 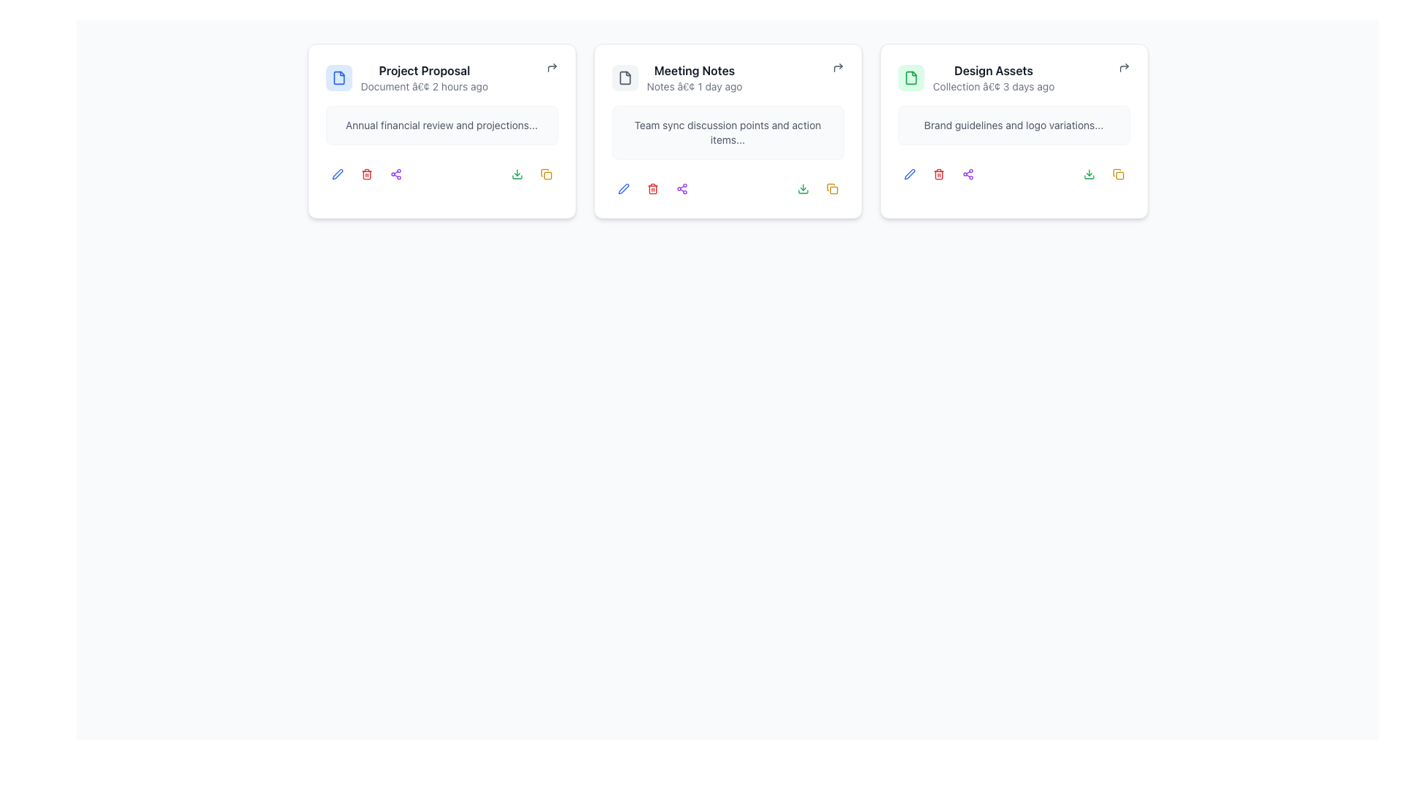 I want to click on the trash can icon, which is a vertical rectangle with rounded corners located below the 'Project Proposal' text, so click(x=366, y=174).